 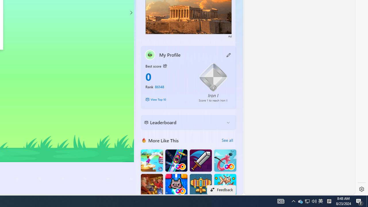 I want to click on 'Balloon FRVR', so click(x=225, y=160).